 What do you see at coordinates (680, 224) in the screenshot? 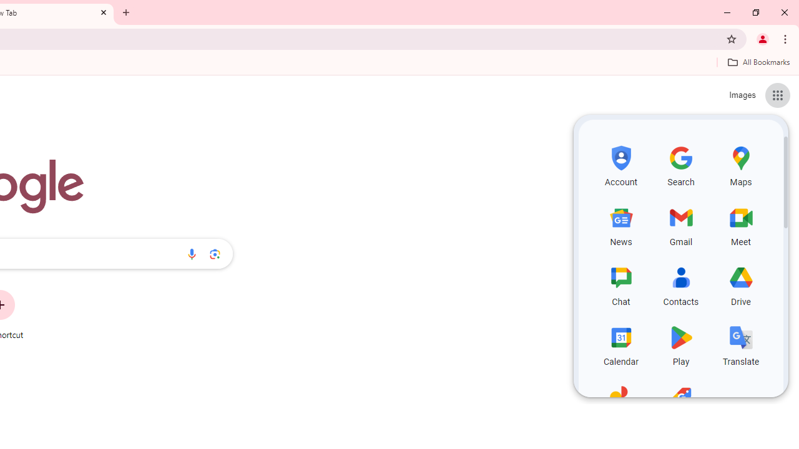
I see `'Gmail, row 2 of 5 and column 2 of 3 in the first section'` at bounding box center [680, 224].